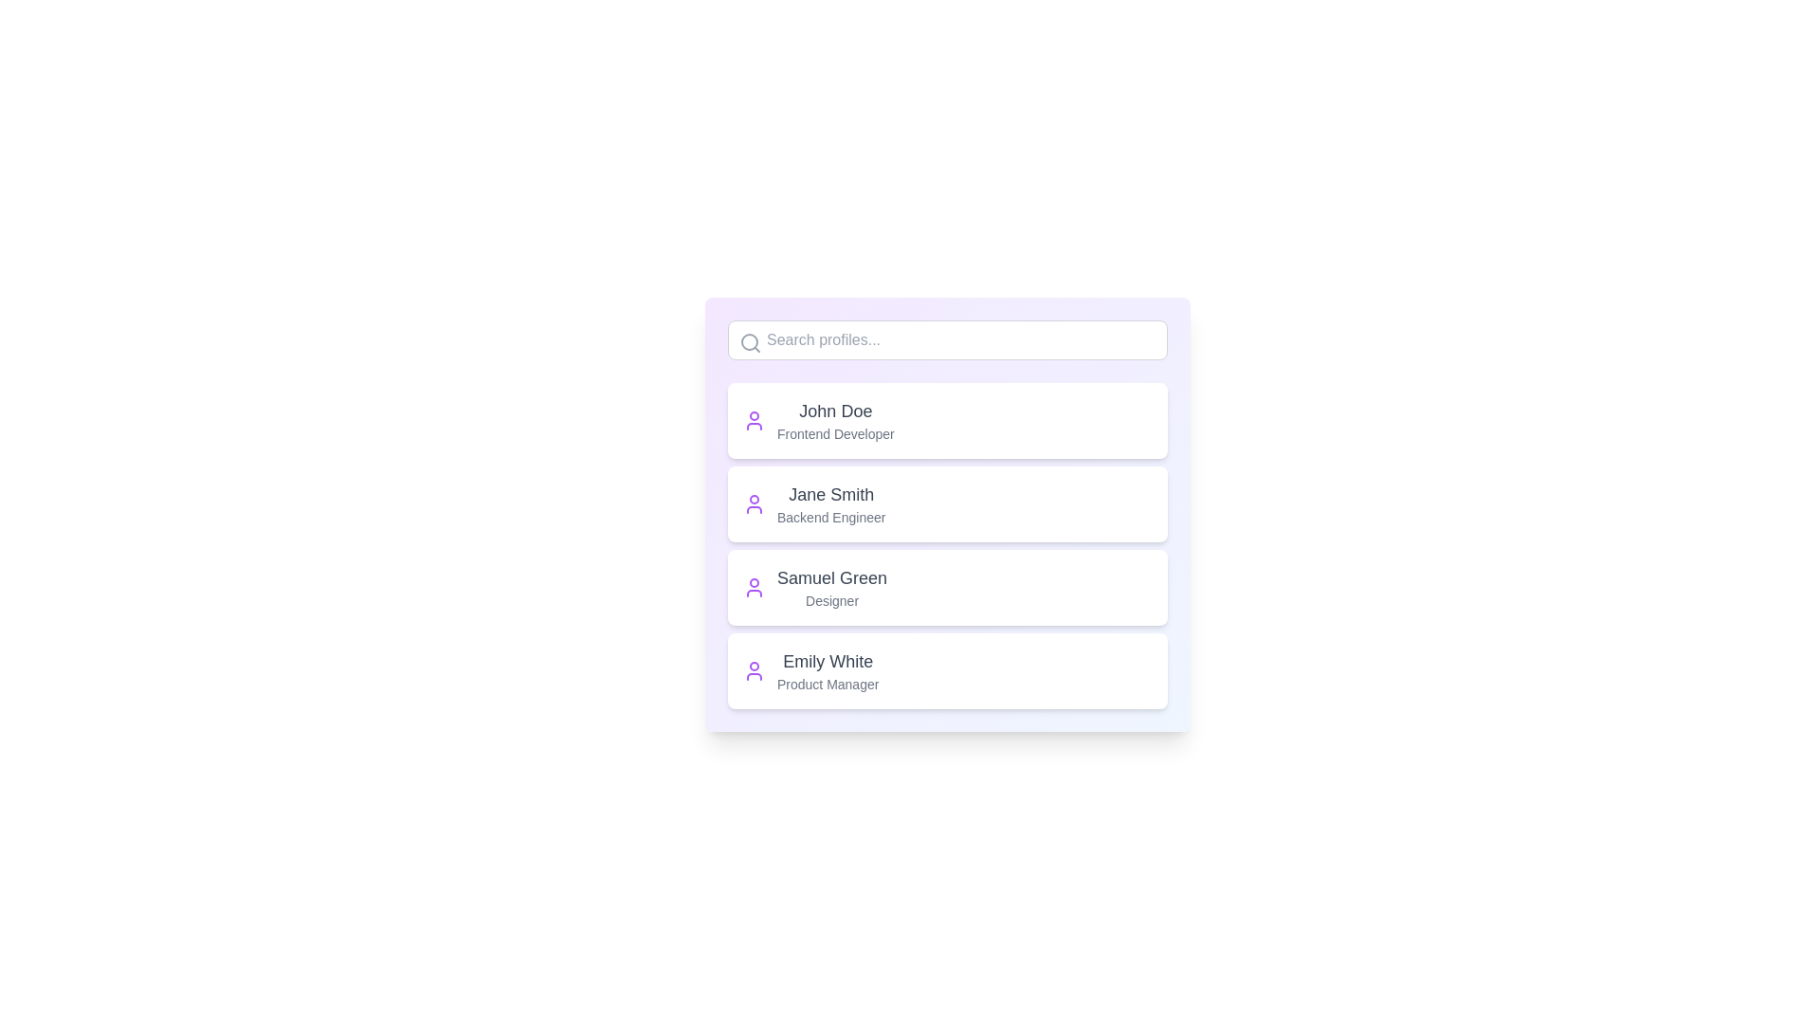  I want to click on the text display component indicating the name 'Samuel Green' and the role 'Designer', which is the third cell in the list of profile information cards, so click(832, 587).